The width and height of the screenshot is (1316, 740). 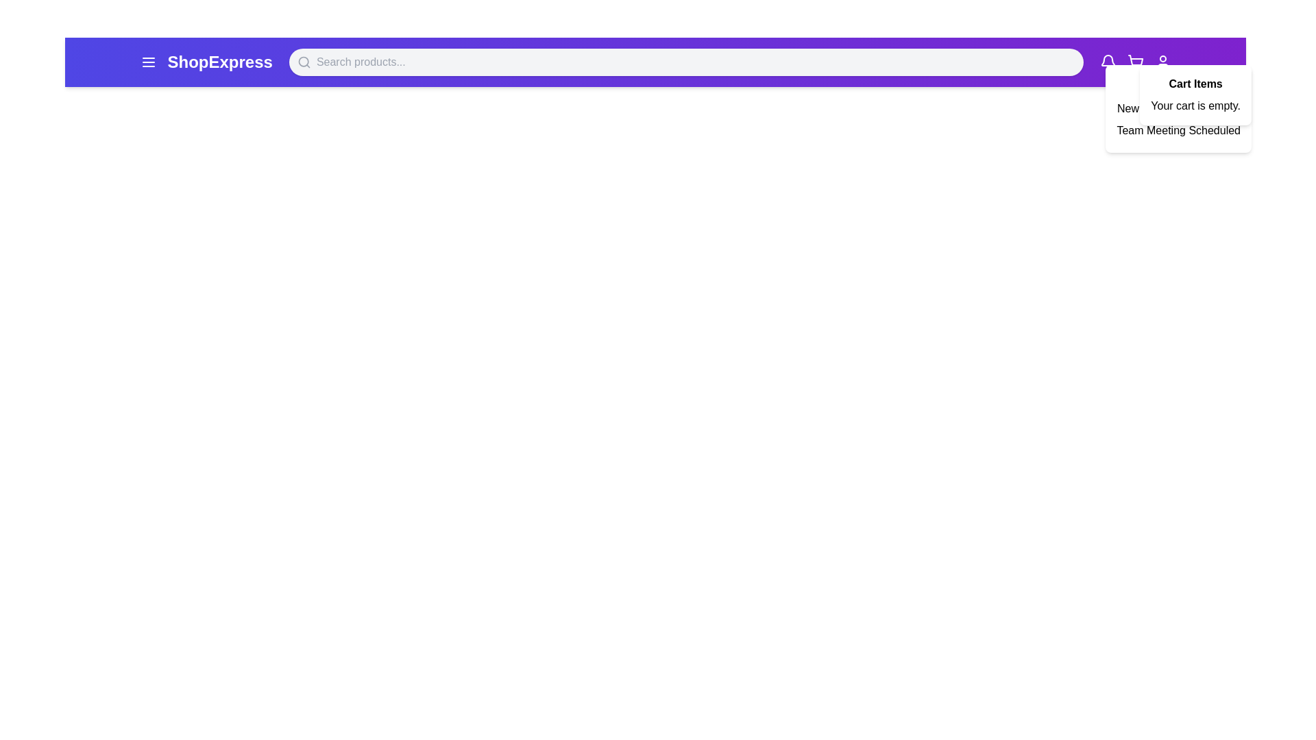 What do you see at coordinates (303, 62) in the screenshot?
I see `the search icon to activate advanced search options` at bounding box center [303, 62].